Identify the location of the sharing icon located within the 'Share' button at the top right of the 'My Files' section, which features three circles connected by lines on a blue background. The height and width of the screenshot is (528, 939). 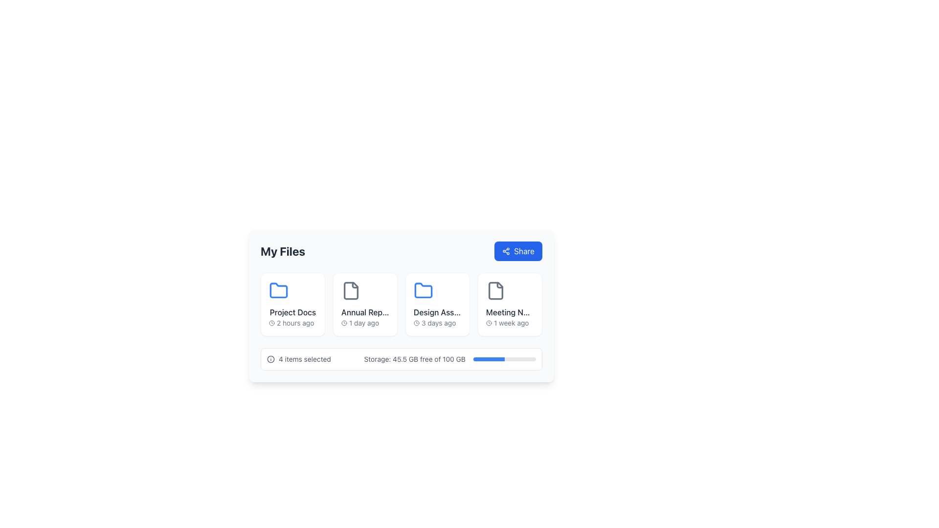
(506, 250).